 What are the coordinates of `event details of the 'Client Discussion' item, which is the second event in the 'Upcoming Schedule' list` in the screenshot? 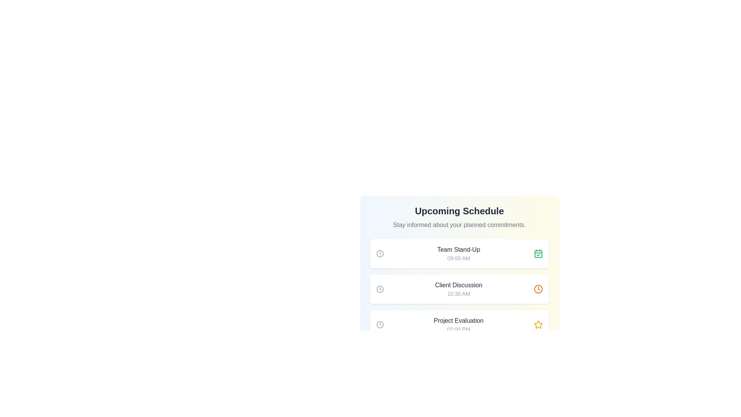 It's located at (459, 289).